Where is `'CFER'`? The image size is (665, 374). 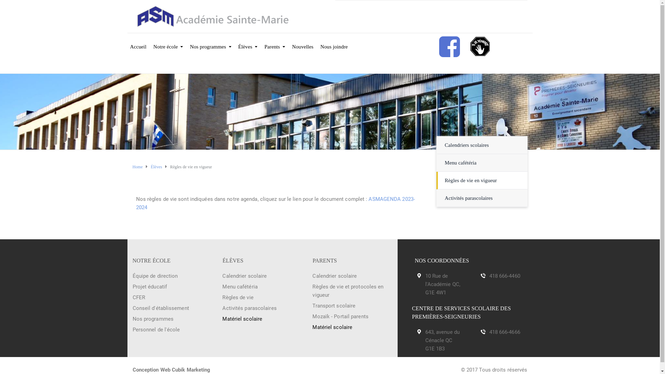 'CFER' is located at coordinates (138, 297).